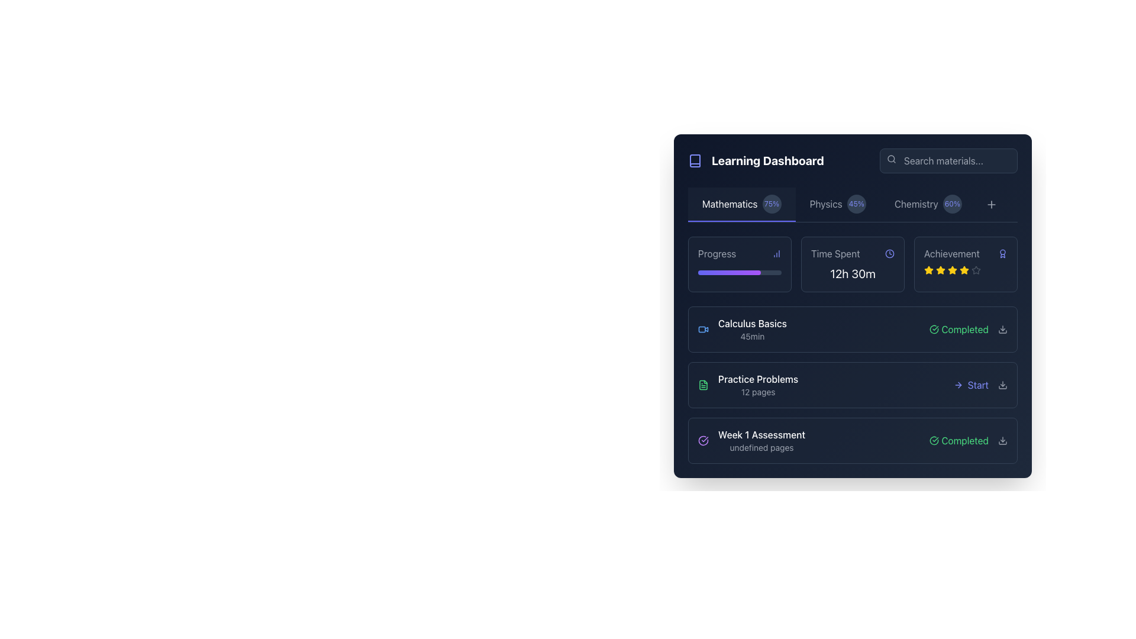 This screenshot has width=1136, height=639. What do you see at coordinates (952, 270) in the screenshot?
I see `the rating level represented by the second yellow star icon in the achievement section of the dashboard` at bounding box center [952, 270].